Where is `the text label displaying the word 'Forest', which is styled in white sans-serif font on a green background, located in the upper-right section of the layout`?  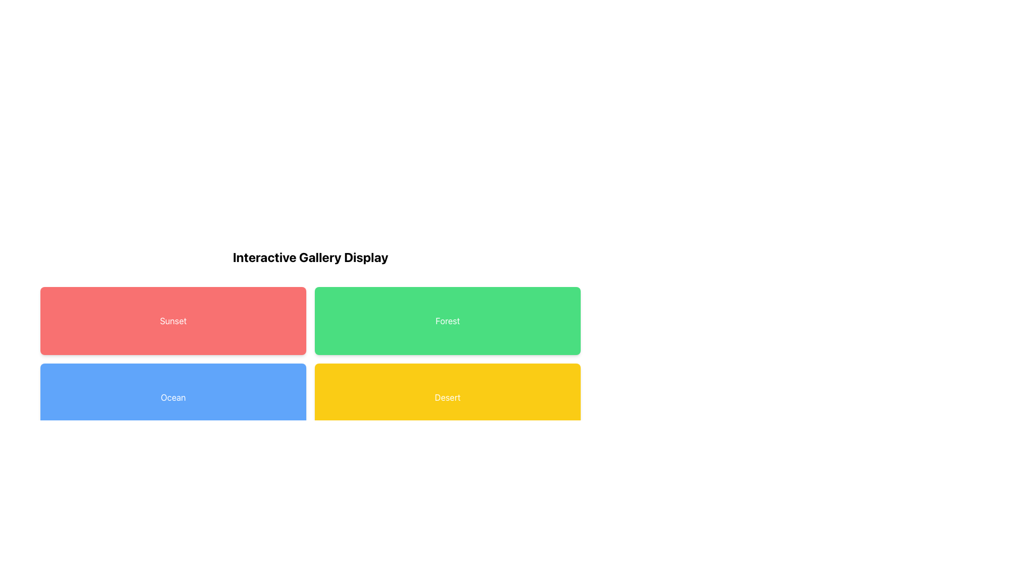 the text label displaying the word 'Forest', which is styled in white sans-serif font on a green background, located in the upper-right section of the layout is located at coordinates (447, 320).